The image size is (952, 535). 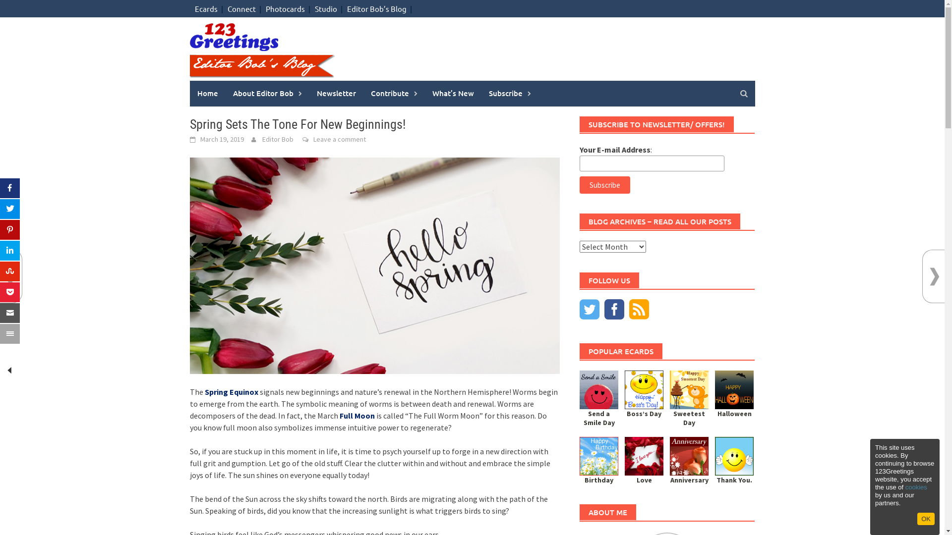 What do you see at coordinates (916, 486) in the screenshot?
I see `'cookies'` at bounding box center [916, 486].